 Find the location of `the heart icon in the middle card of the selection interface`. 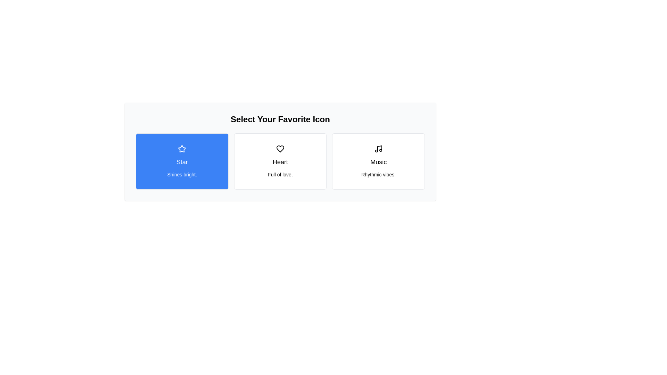

the heart icon in the middle card of the selection interface is located at coordinates (280, 148).